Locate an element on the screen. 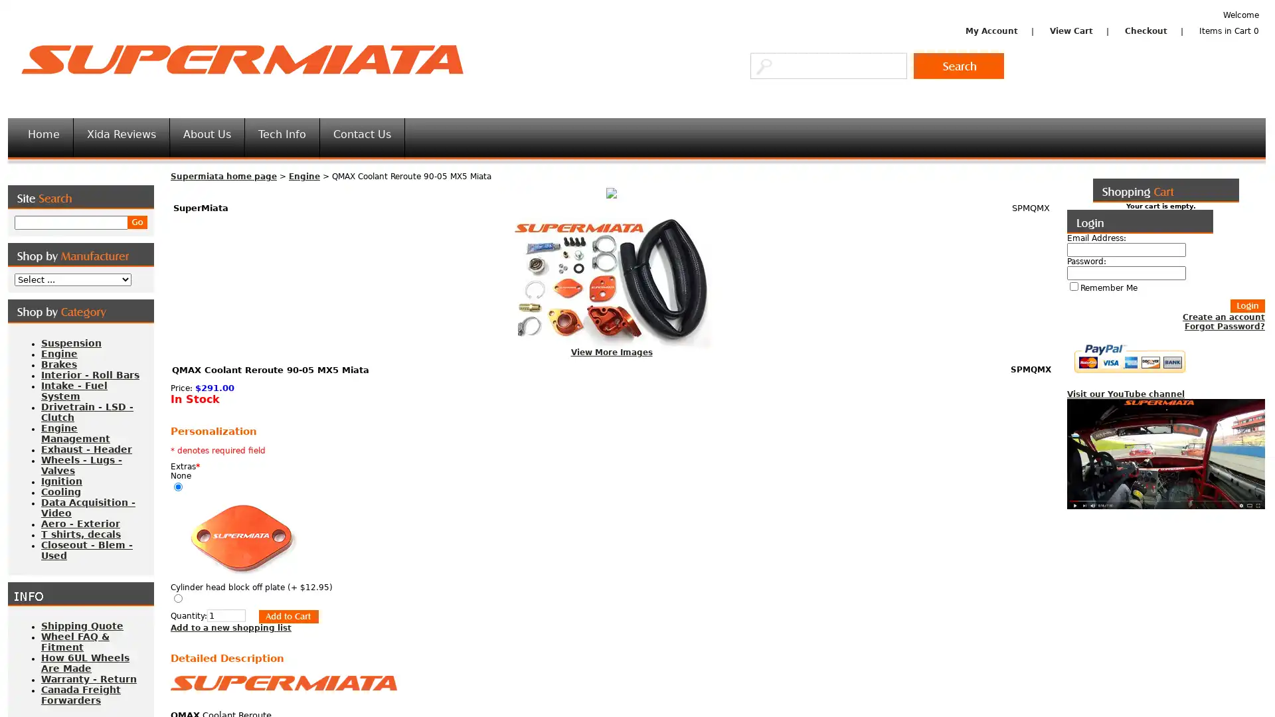  Submit is located at coordinates (1246, 306).